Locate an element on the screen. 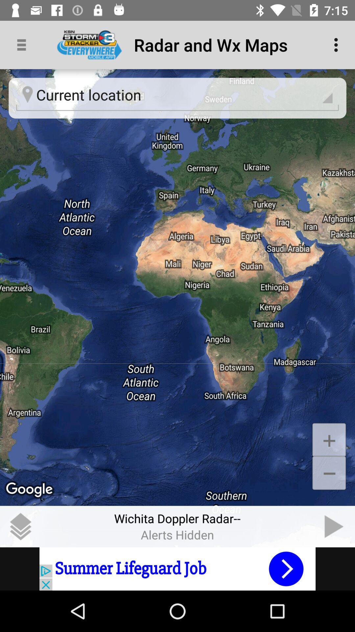 This screenshot has height=632, width=355. next button is located at coordinates (334, 526).